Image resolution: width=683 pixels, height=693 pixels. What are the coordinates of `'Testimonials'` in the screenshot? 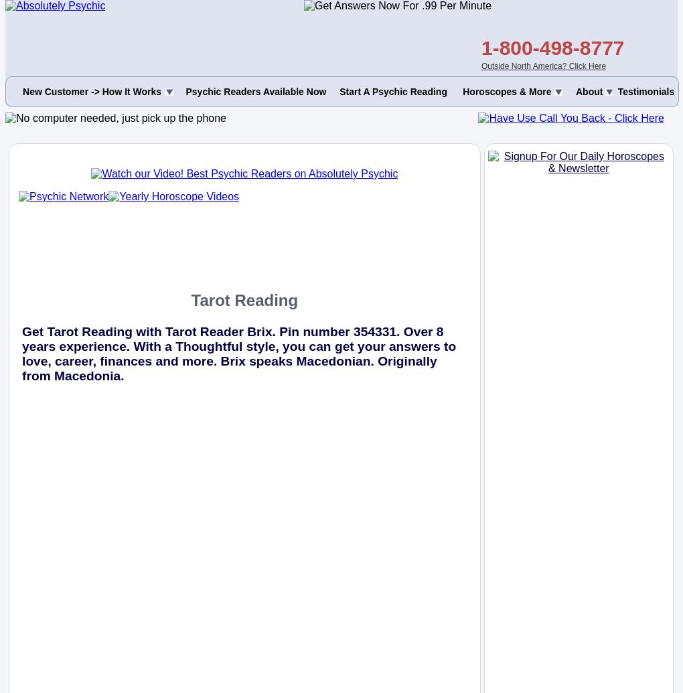 It's located at (645, 92).